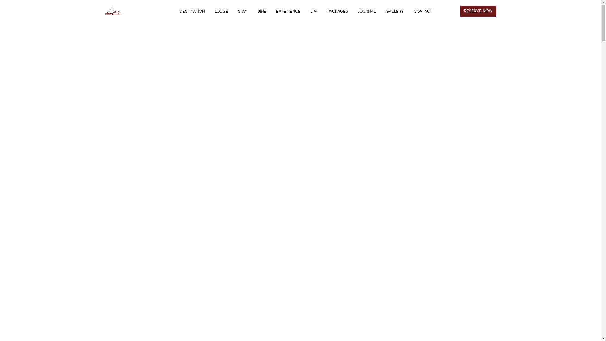 Image resolution: width=606 pixels, height=341 pixels. Describe the element at coordinates (271, 11) in the screenshot. I see `'EXPERIENCE'` at that location.